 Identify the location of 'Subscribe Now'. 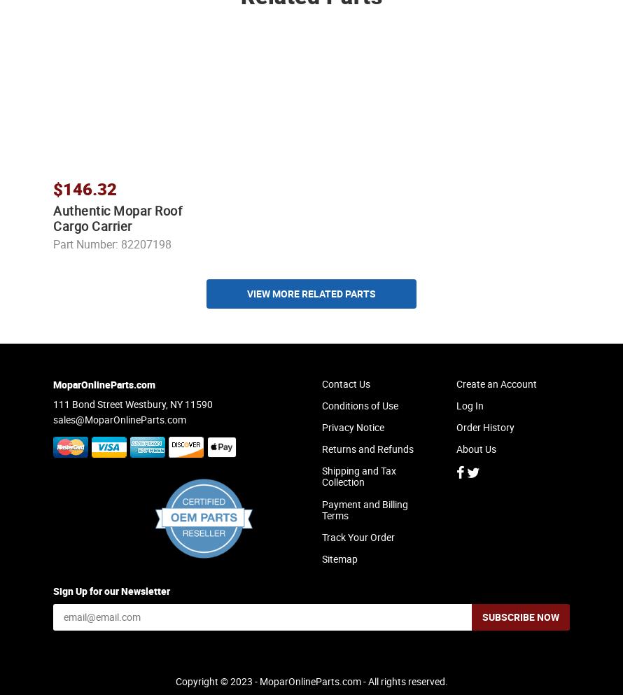
(521, 629).